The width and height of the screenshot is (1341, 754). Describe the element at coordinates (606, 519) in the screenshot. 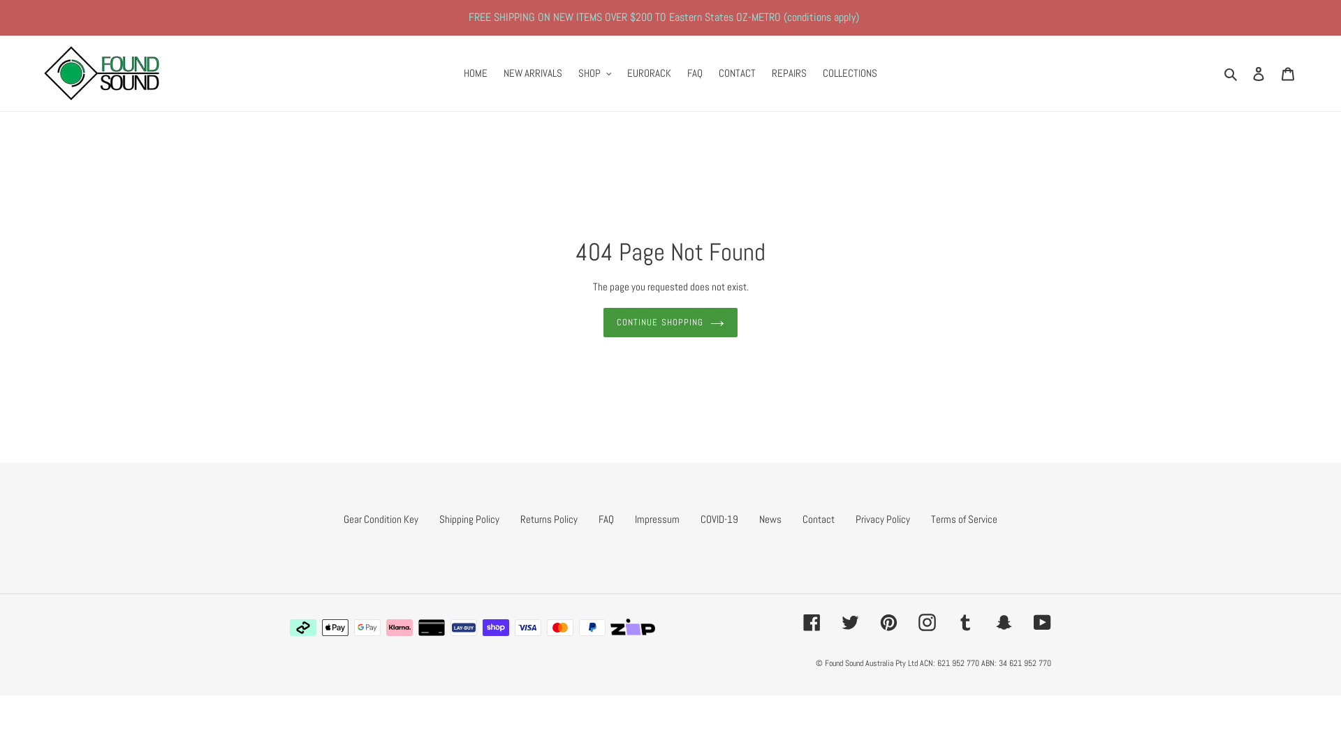

I see `'FAQ'` at that location.